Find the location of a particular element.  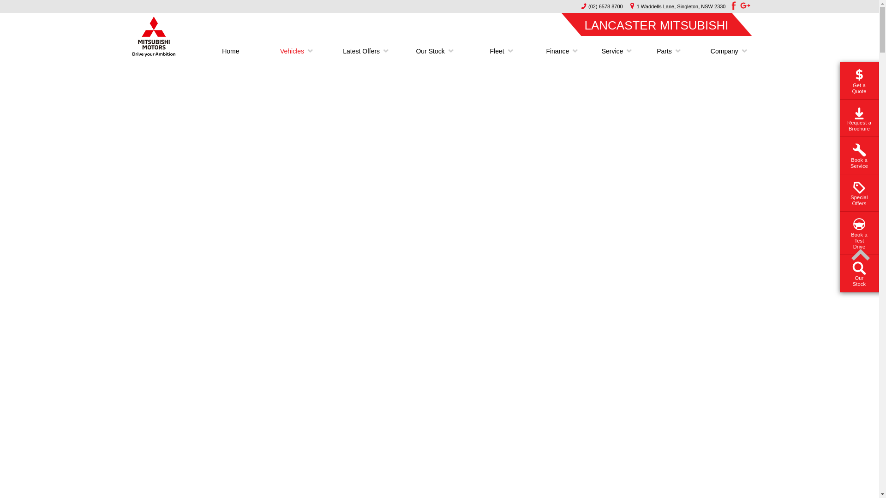

'Parts' is located at coordinates (664, 51).